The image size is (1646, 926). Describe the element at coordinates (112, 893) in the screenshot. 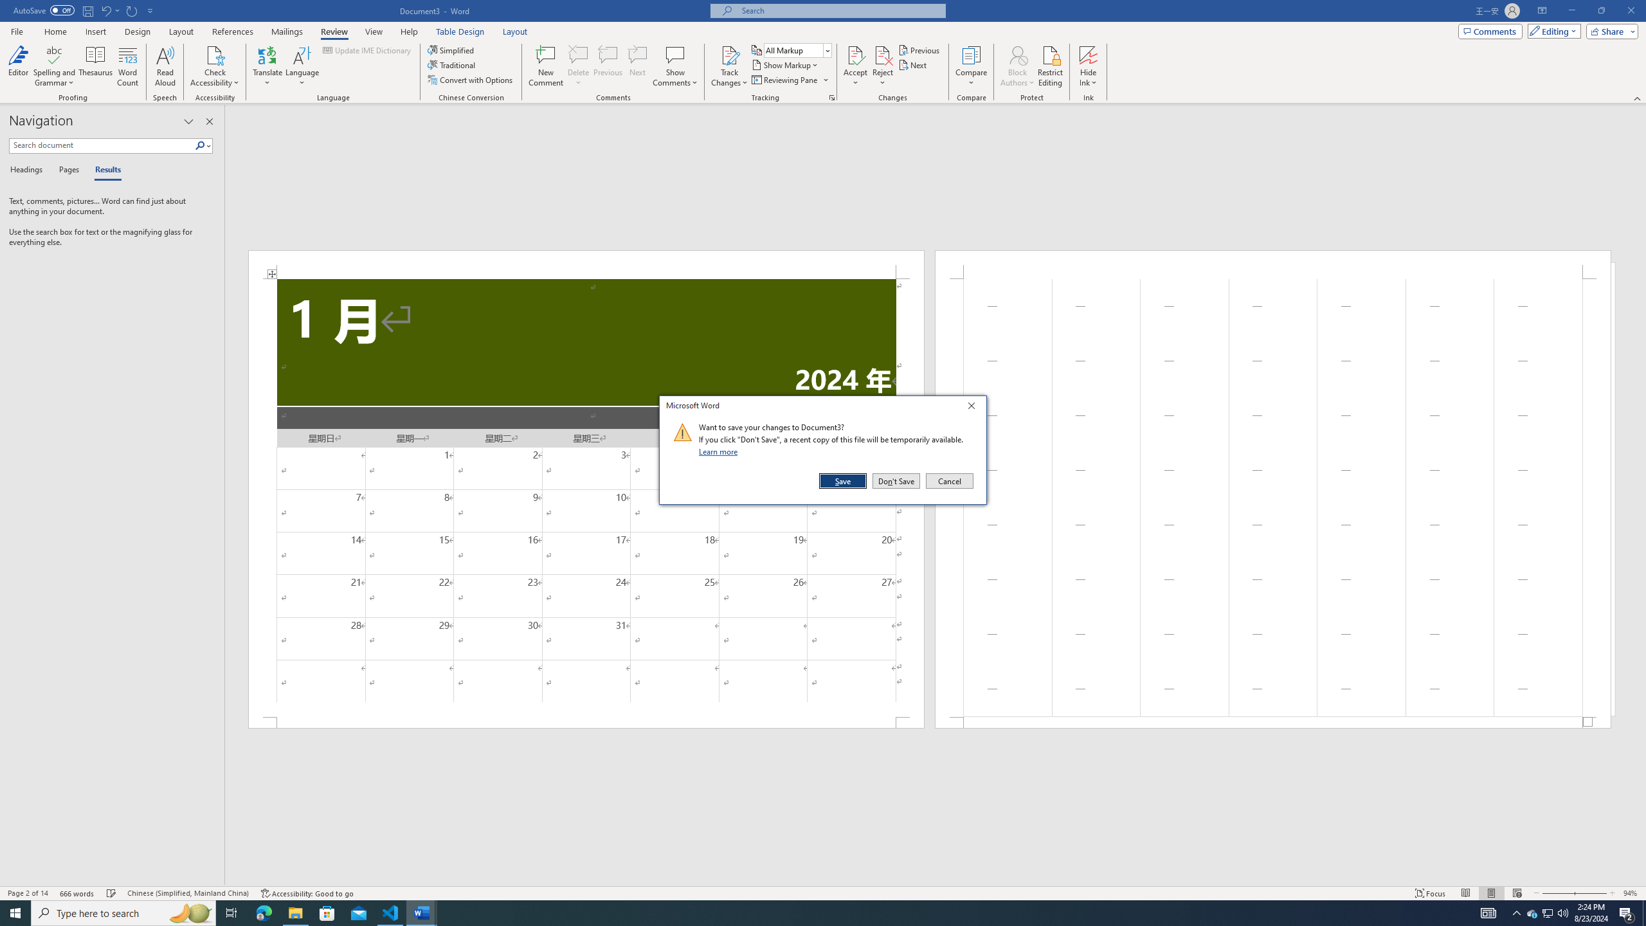

I see `'Spelling and Grammar Check Checking'` at that location.